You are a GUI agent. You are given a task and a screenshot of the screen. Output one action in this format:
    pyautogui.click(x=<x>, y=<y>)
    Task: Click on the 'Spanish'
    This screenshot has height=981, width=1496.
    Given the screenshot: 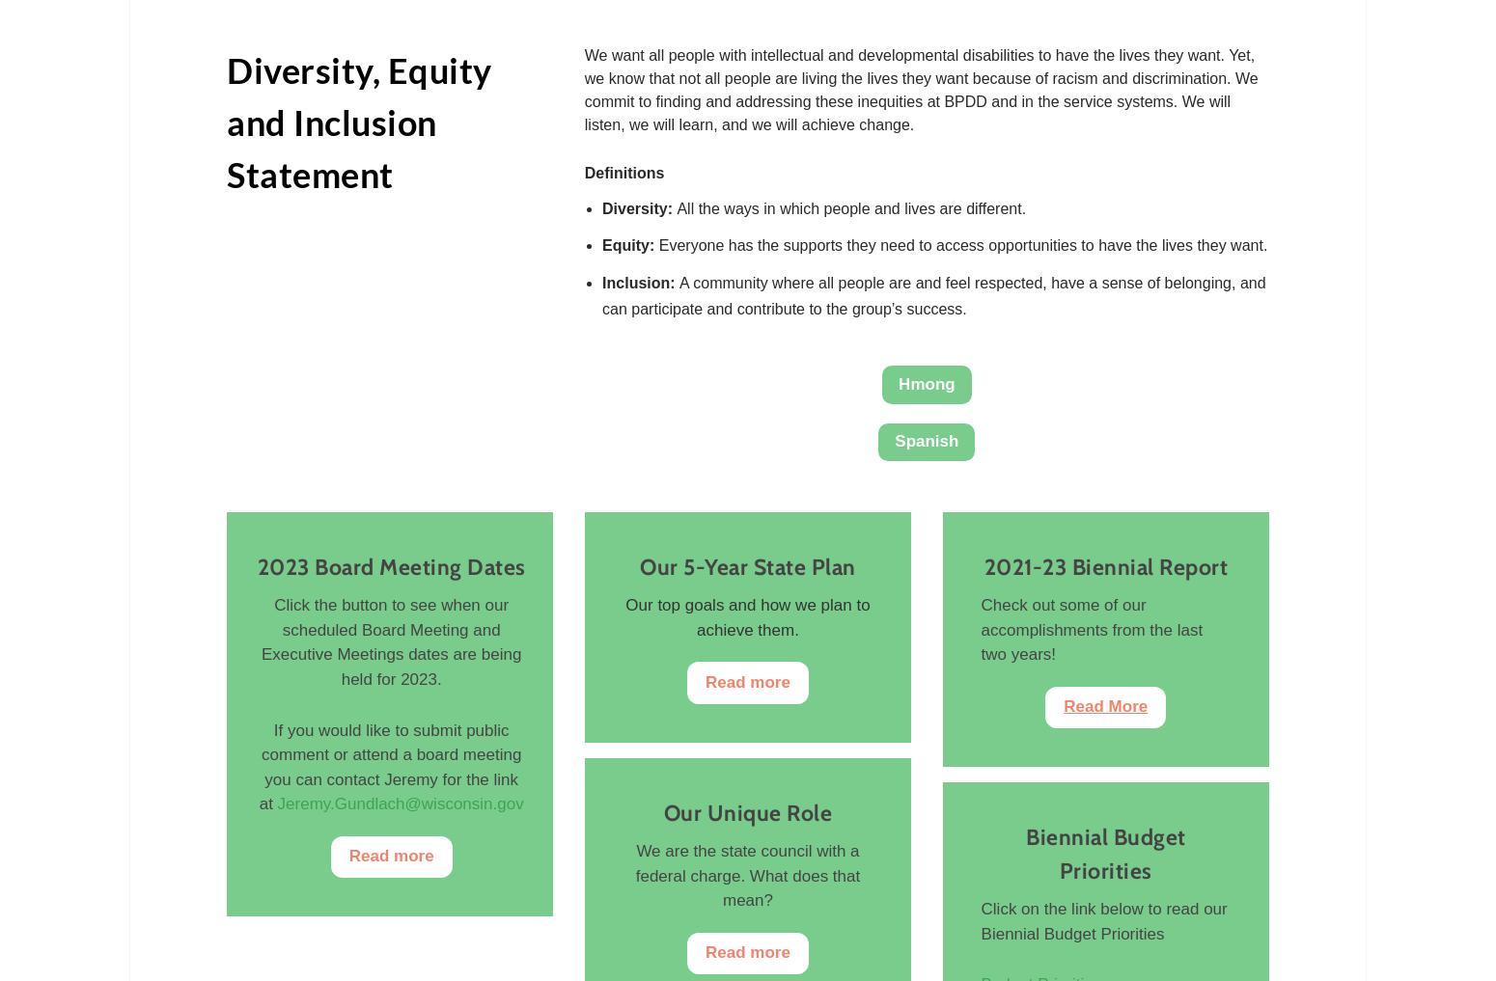 What is the action you would take?
    pyautogui.click(x=926, y=439)
    